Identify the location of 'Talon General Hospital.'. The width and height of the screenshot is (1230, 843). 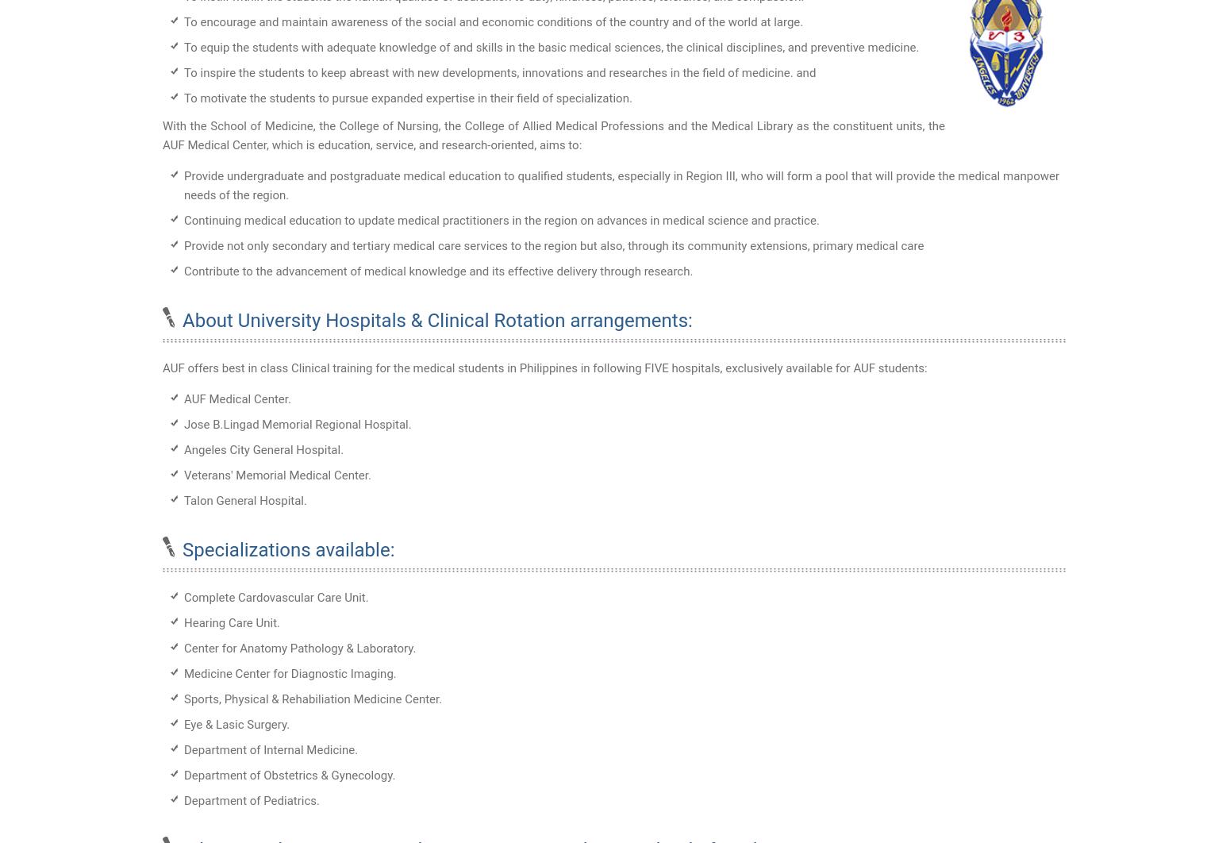
(245, 499).